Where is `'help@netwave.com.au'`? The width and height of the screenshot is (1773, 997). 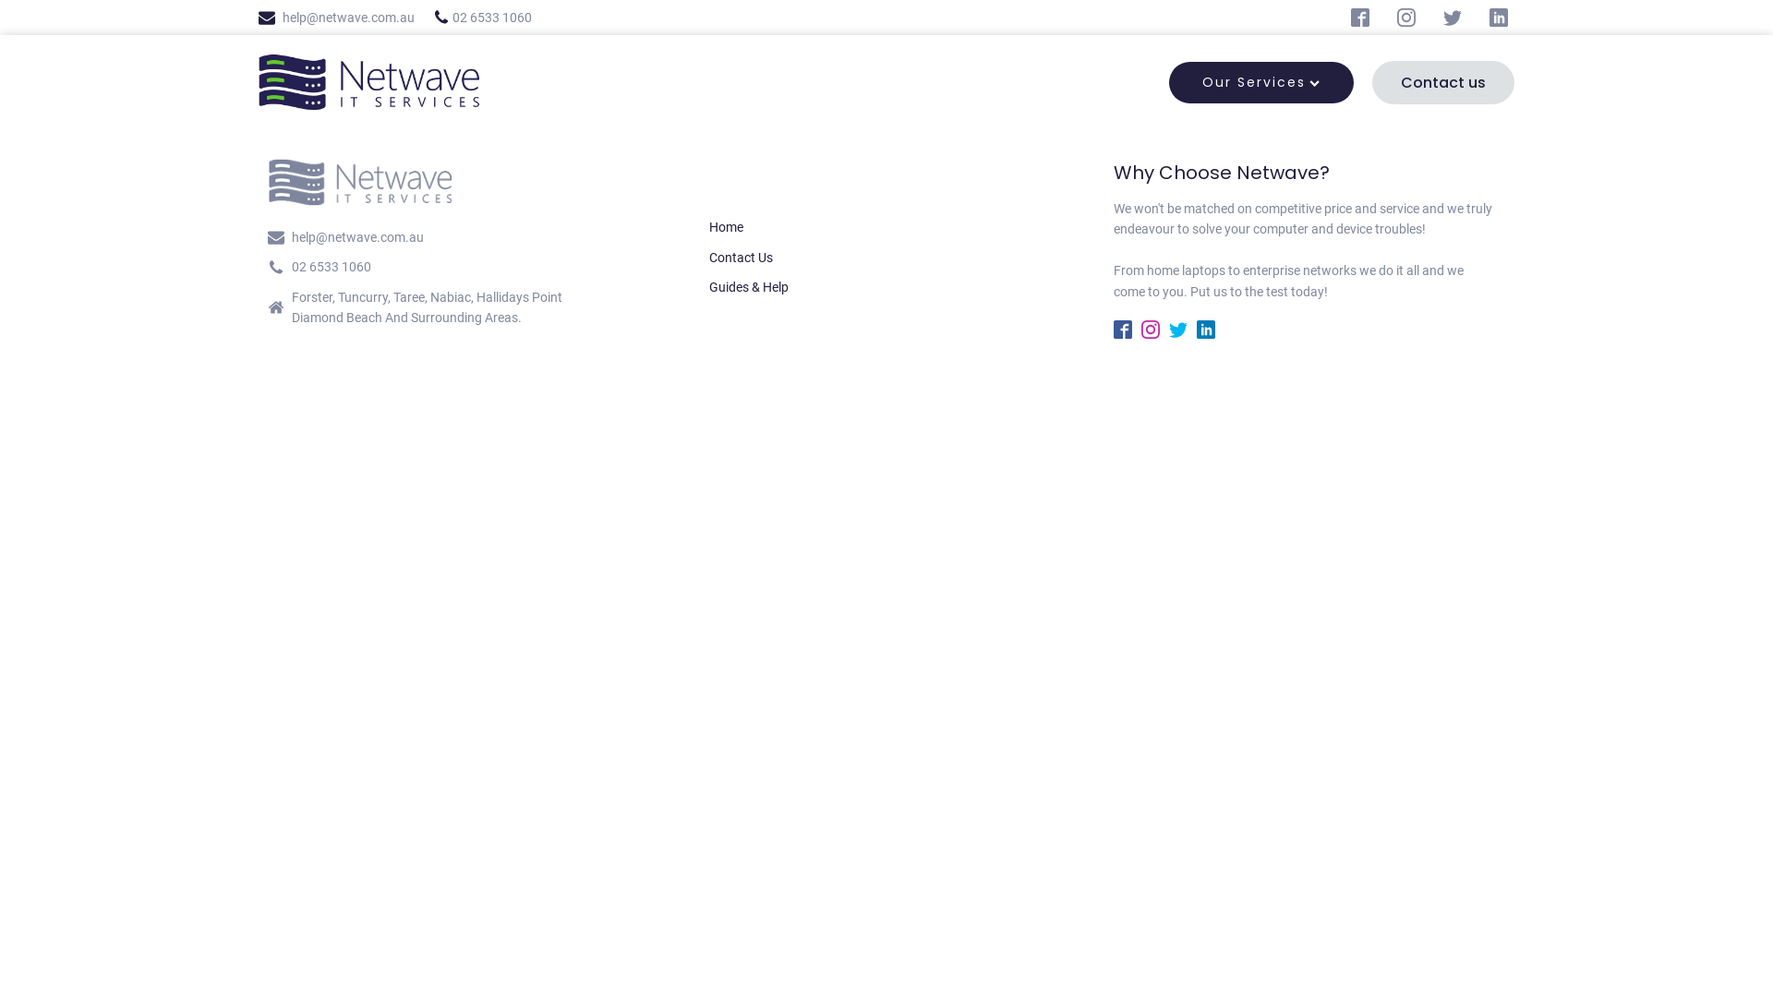
'help@netwave.com.au' is located at coordinates (355, 236).